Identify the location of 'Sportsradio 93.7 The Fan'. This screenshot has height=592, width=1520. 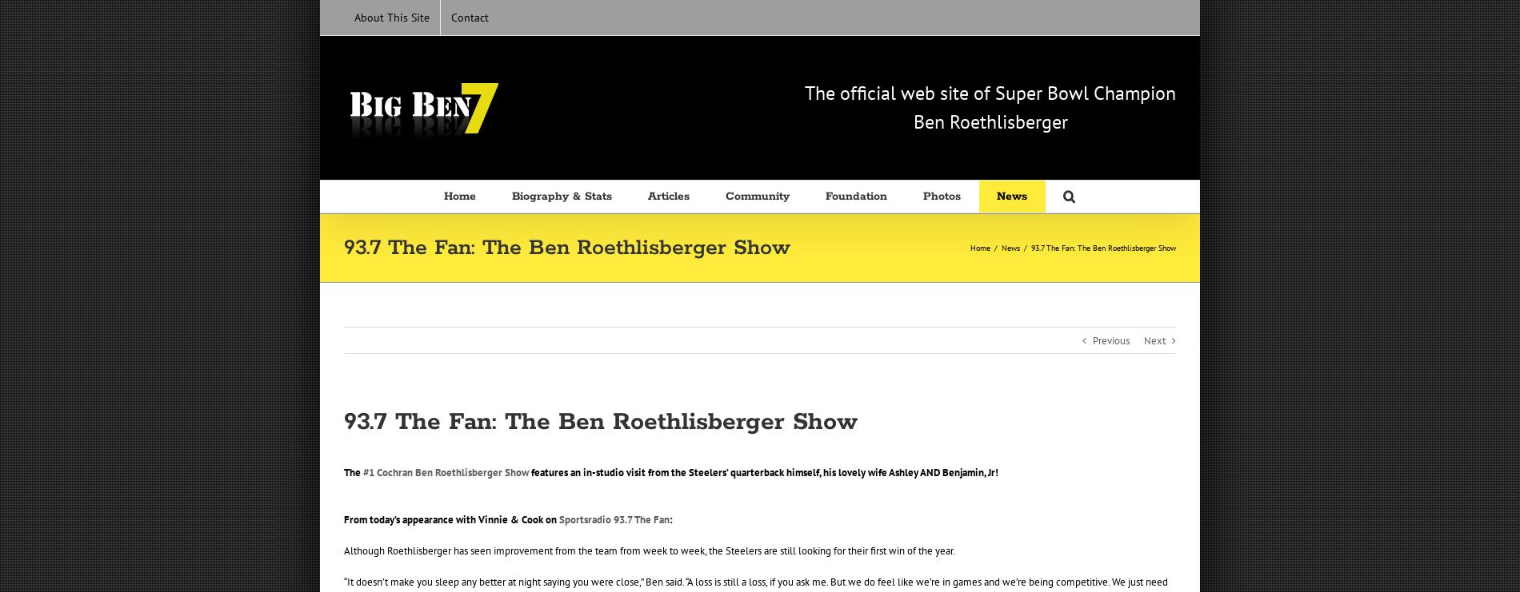
(613, 518).